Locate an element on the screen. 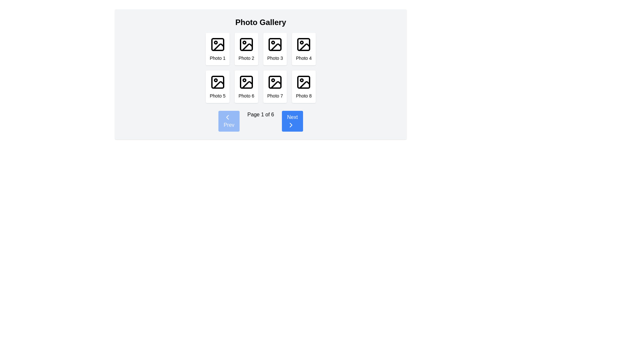 This screenshot has height=351, width=625. the card representing 'Photo 3' in the photo gallery is located at coordinates (275, 48).